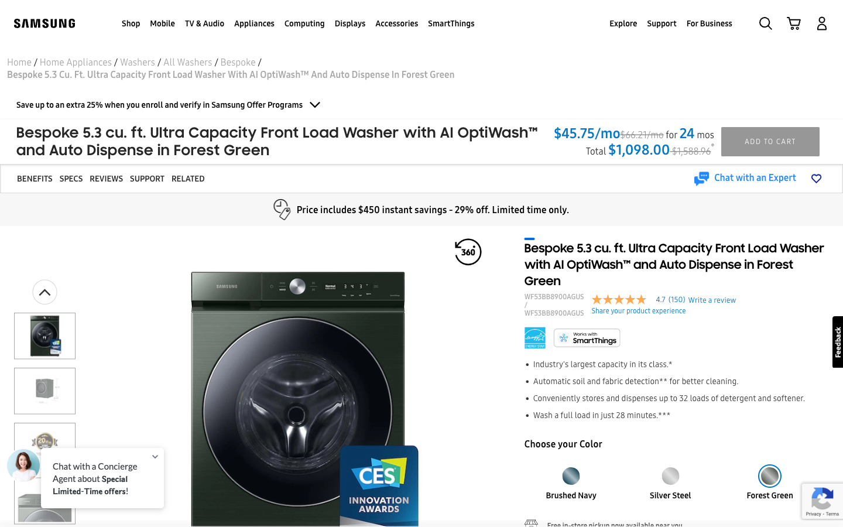  Describe the element at coordinates (44, 291) in the screenshot. I see `the top of the photo library and magnify the first picture` at that location.